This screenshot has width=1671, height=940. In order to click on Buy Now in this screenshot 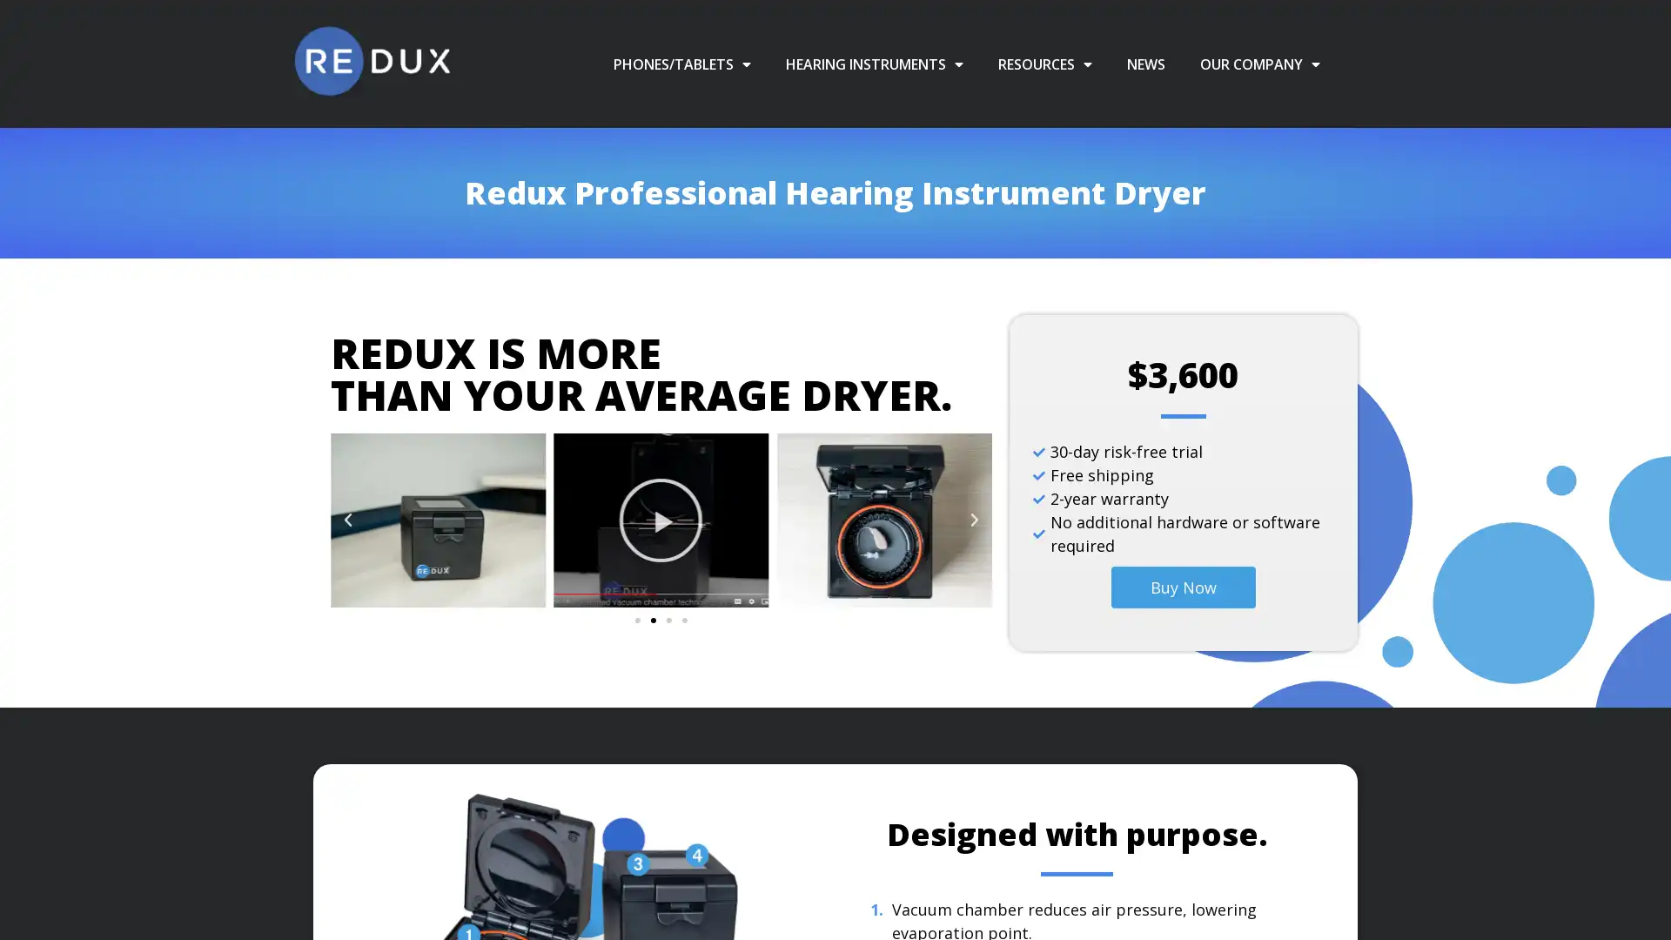, I will do `click(1182, 587)`.